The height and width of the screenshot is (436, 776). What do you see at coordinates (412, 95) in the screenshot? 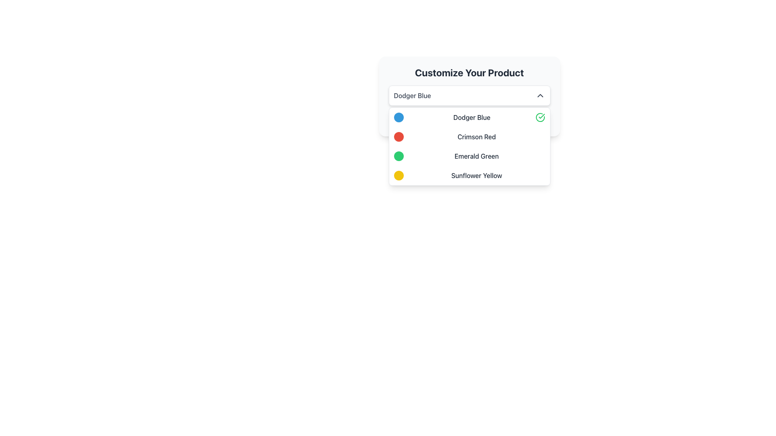
I see `the dropdown field containing the 'Dodger Blue' text label` at bounding box center [412, 95].